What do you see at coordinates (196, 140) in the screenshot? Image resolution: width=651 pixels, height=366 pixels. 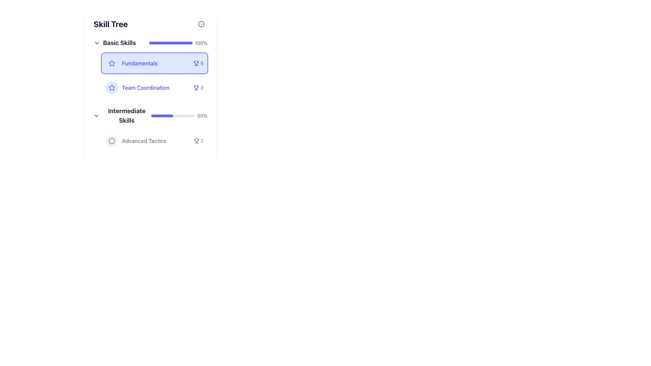 I see `the trophy cup's main body within the SVG icon next to the '2' in the 'Intermediate Skills' section labeled 'Advanced Tactics'` at bounding box center [196, 140].